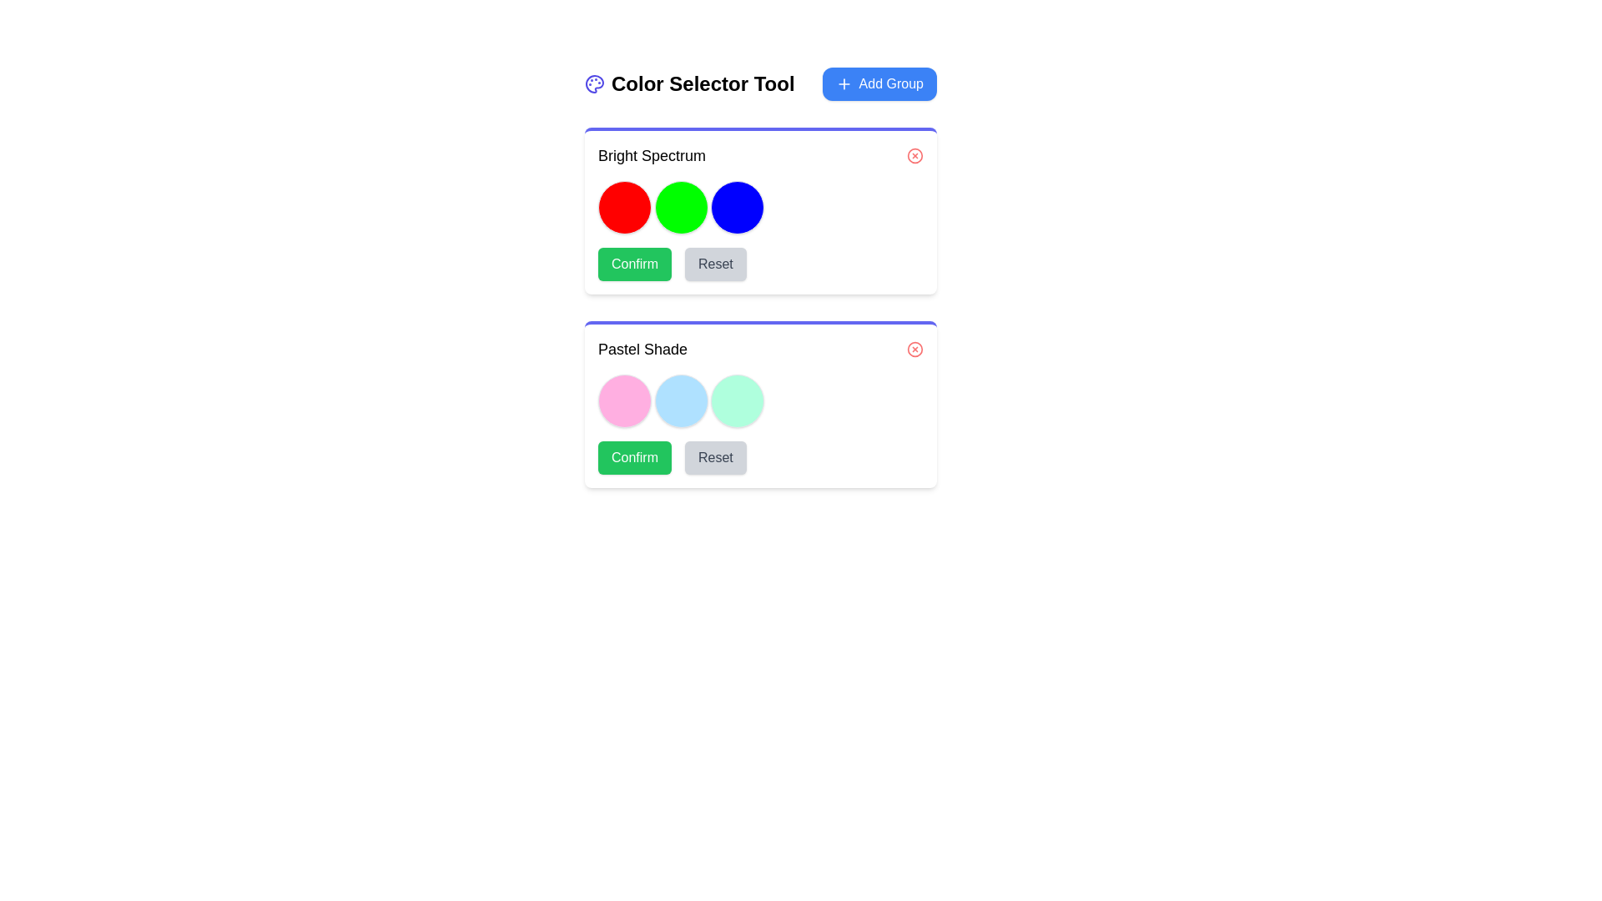 The height and width of the screenshot is (901, 1602). What do you see at coordinates (737, 401) in the screenshot?
I see `the third circular button with a light green background in the 'Pastel Shade' card, which is part of a group of three similar buttons aligned horizontally` at bounding box center [737, 401].